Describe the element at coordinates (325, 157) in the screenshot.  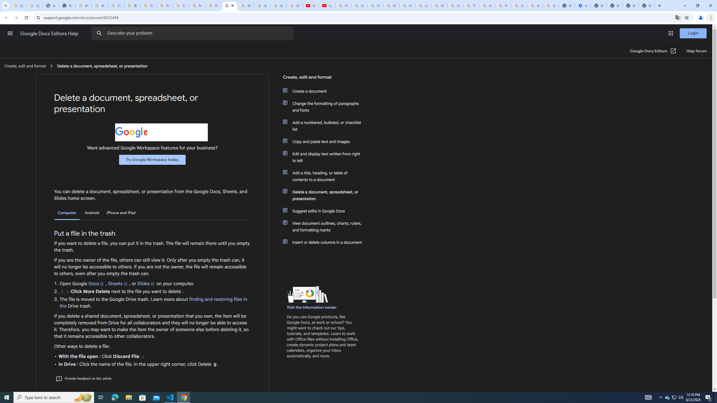
I see `'Edit and display text written from right to left'` at that location.